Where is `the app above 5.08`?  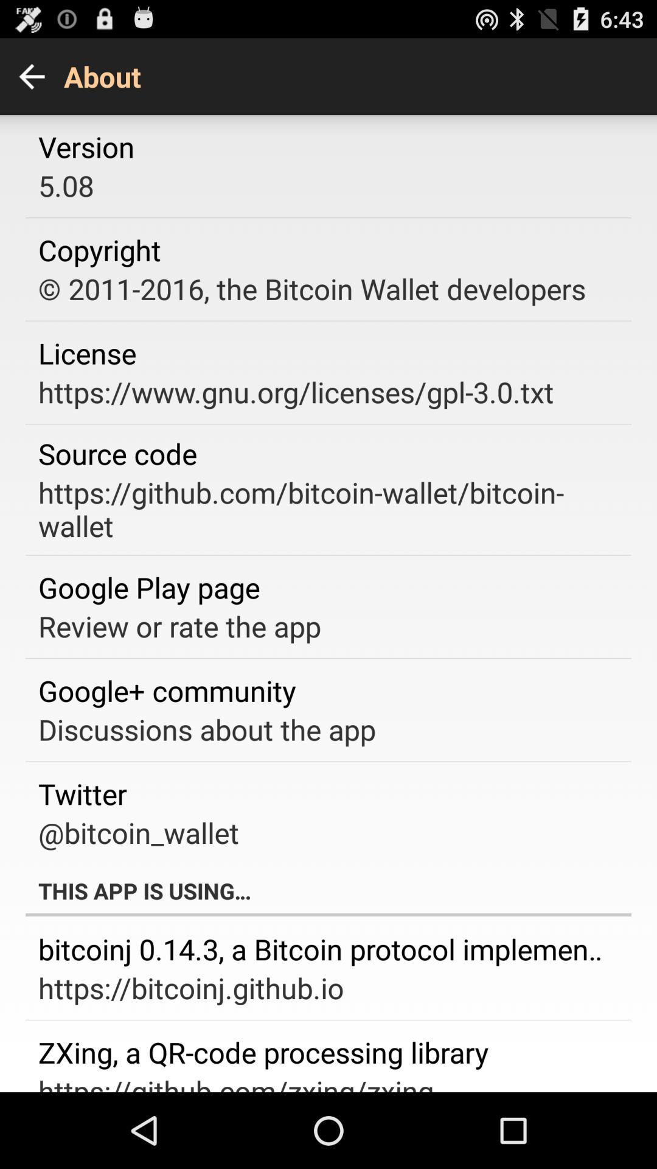 the app above 5.08 is located at coordinates (86, 146).